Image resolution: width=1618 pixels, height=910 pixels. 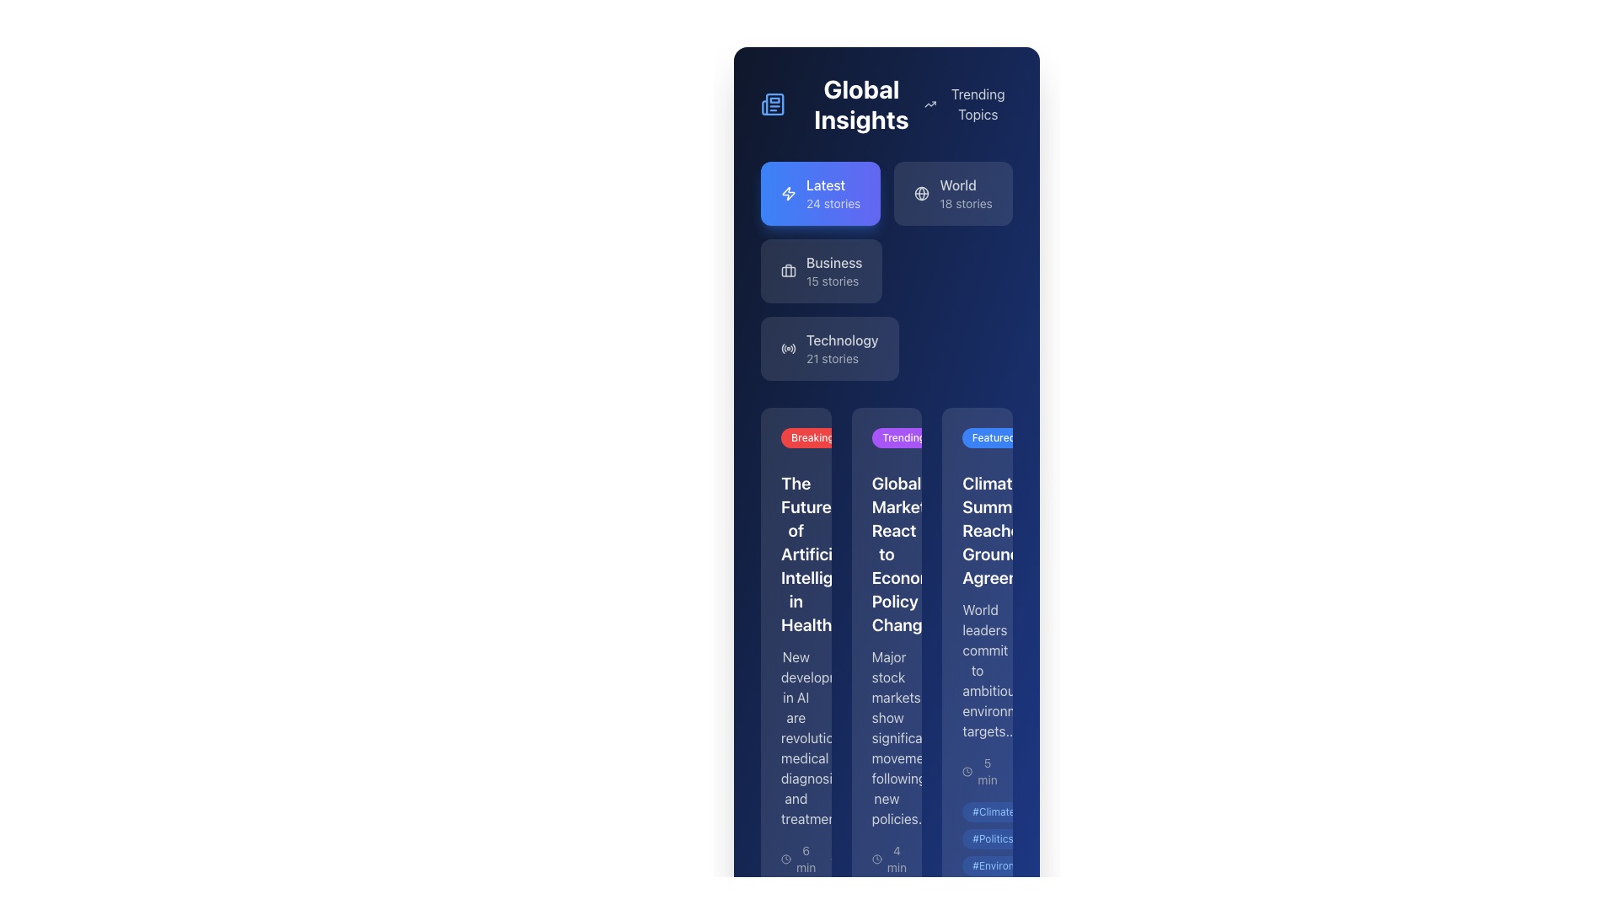 I want to click on the navigation button for the 'World' category, which is the second card in the vertical stack of four on the left sidebar, positioned below the 'Latest' card and above the 'Business' card, so click(x=953, y=193).